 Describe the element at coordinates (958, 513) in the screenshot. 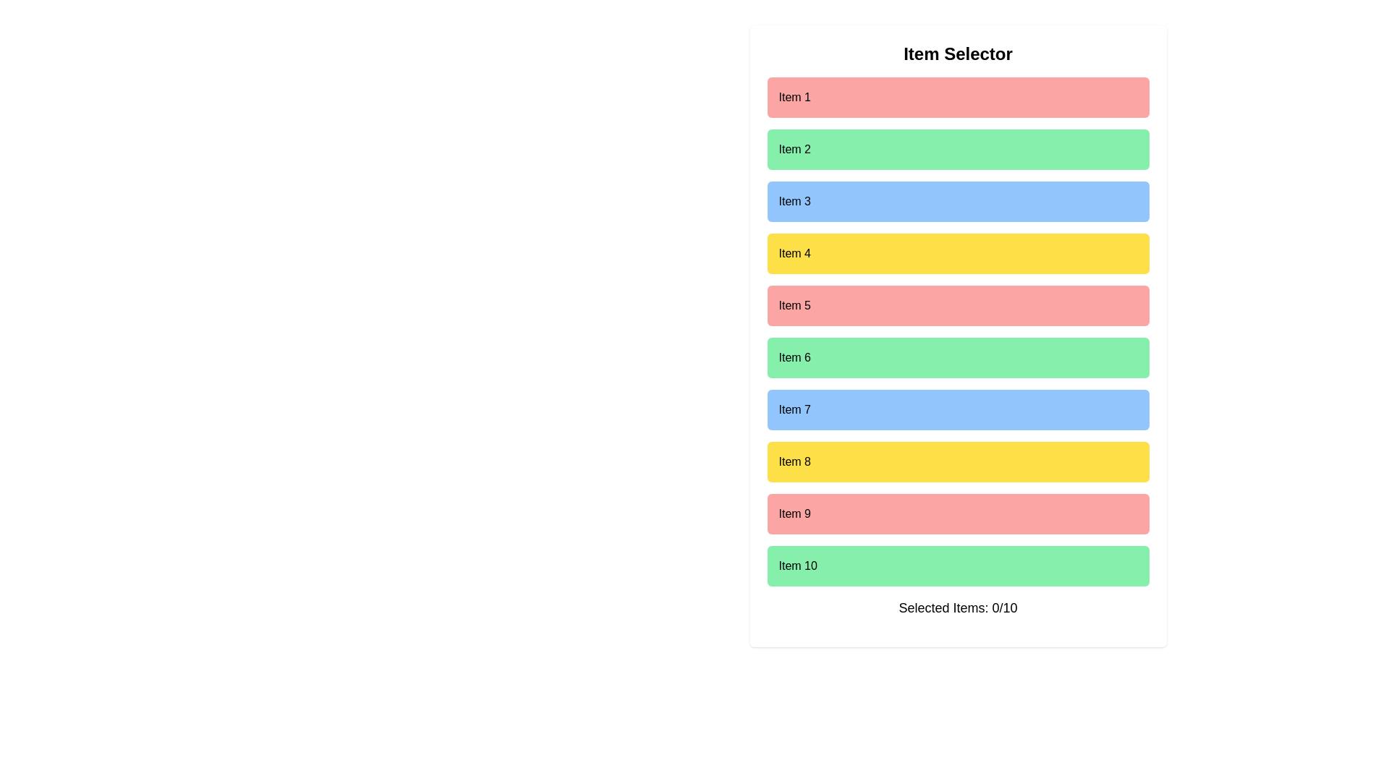

I see `the selectable list item labeled 'Item 9', which is a horizontally-oriented rectangular box with a light red background and rounded corners` at that location.